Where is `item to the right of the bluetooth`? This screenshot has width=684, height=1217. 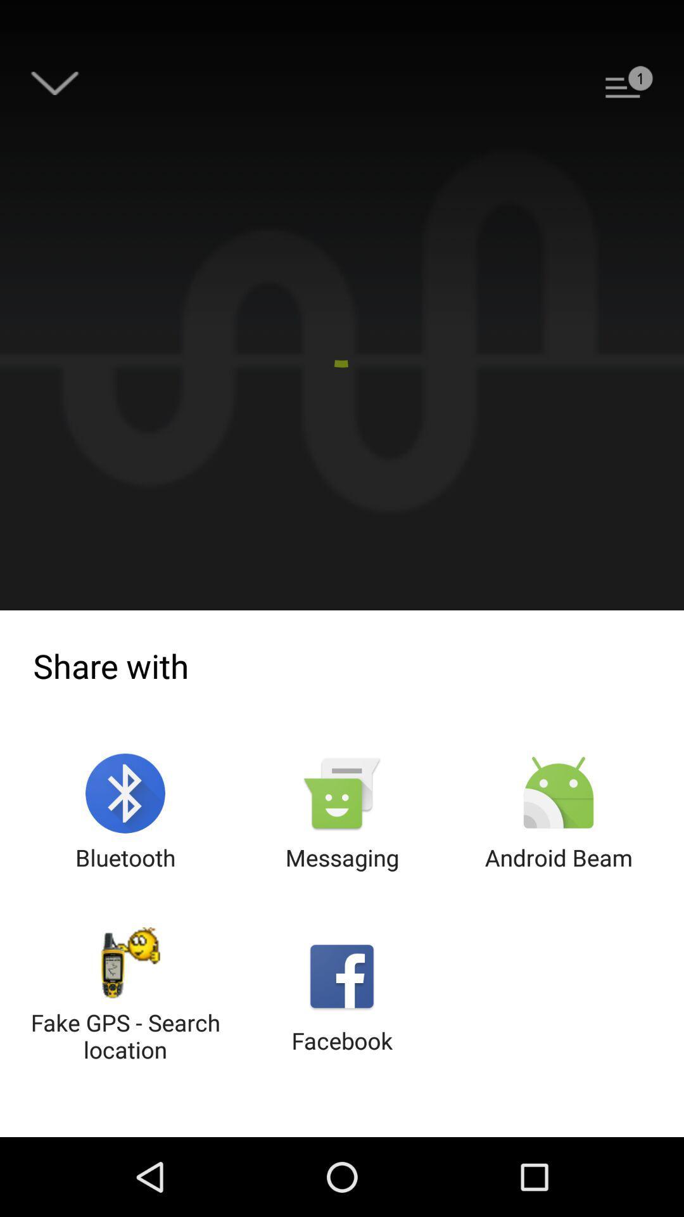
item to the right of the bluetooth is located at coordinates (342, 813).